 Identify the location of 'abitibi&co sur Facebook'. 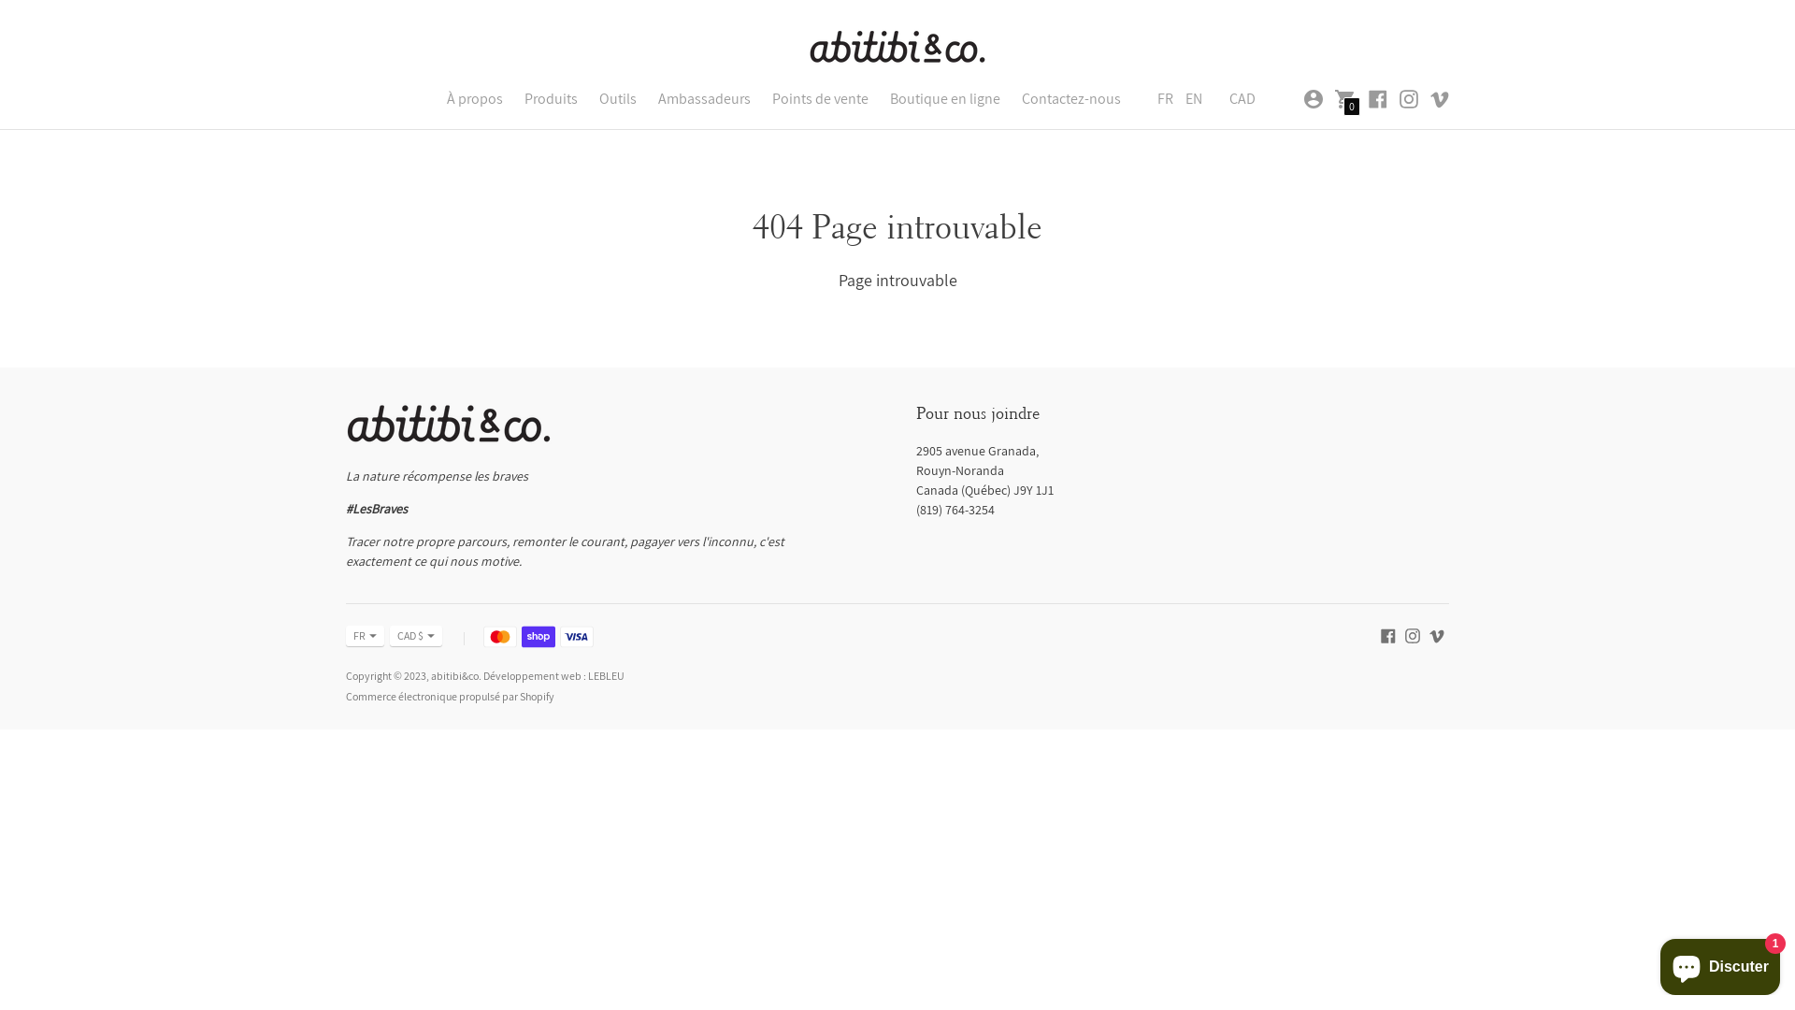
(1377, 97).